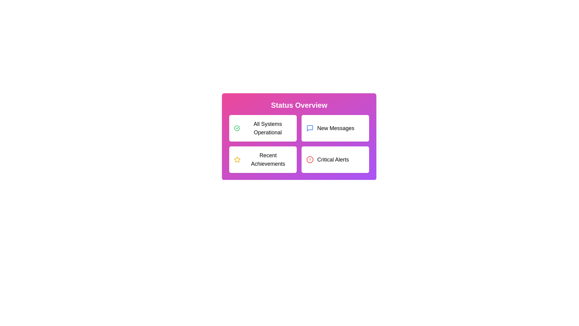 The image size is (579, 326). I want to click on the rectangular card displaying 'Critical Alerts' with a red octagonal alert sign, located in the bottom-right quadrant of the interface, so click(335, 159).